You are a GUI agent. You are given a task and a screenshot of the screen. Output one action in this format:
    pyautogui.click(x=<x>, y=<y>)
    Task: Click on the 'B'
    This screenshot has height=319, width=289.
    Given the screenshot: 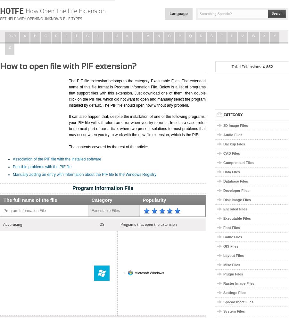 What is the action you would take?
    pyautogui.click(x=35, y=36)
    